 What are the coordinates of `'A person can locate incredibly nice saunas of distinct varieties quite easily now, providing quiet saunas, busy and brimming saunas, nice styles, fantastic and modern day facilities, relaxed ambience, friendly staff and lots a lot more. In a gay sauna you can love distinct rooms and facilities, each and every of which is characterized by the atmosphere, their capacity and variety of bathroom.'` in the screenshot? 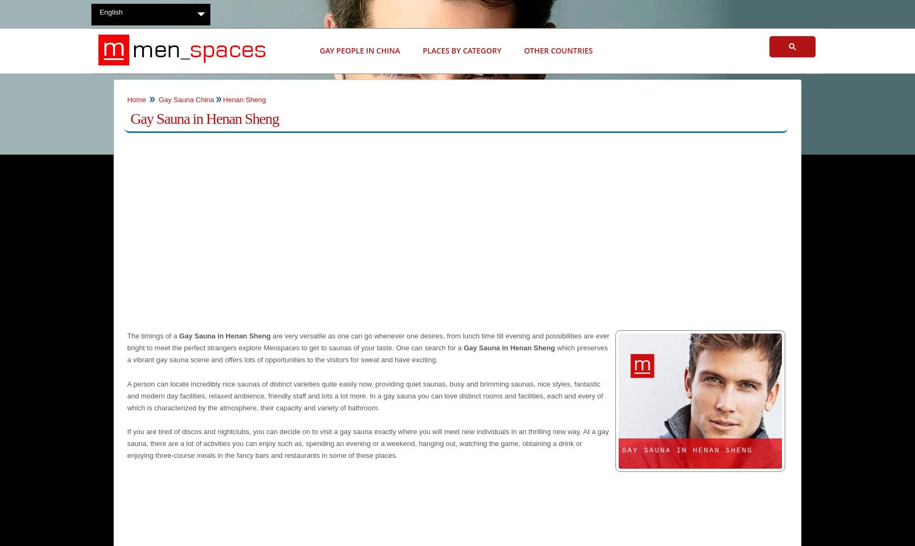 It's located at (364, 395).